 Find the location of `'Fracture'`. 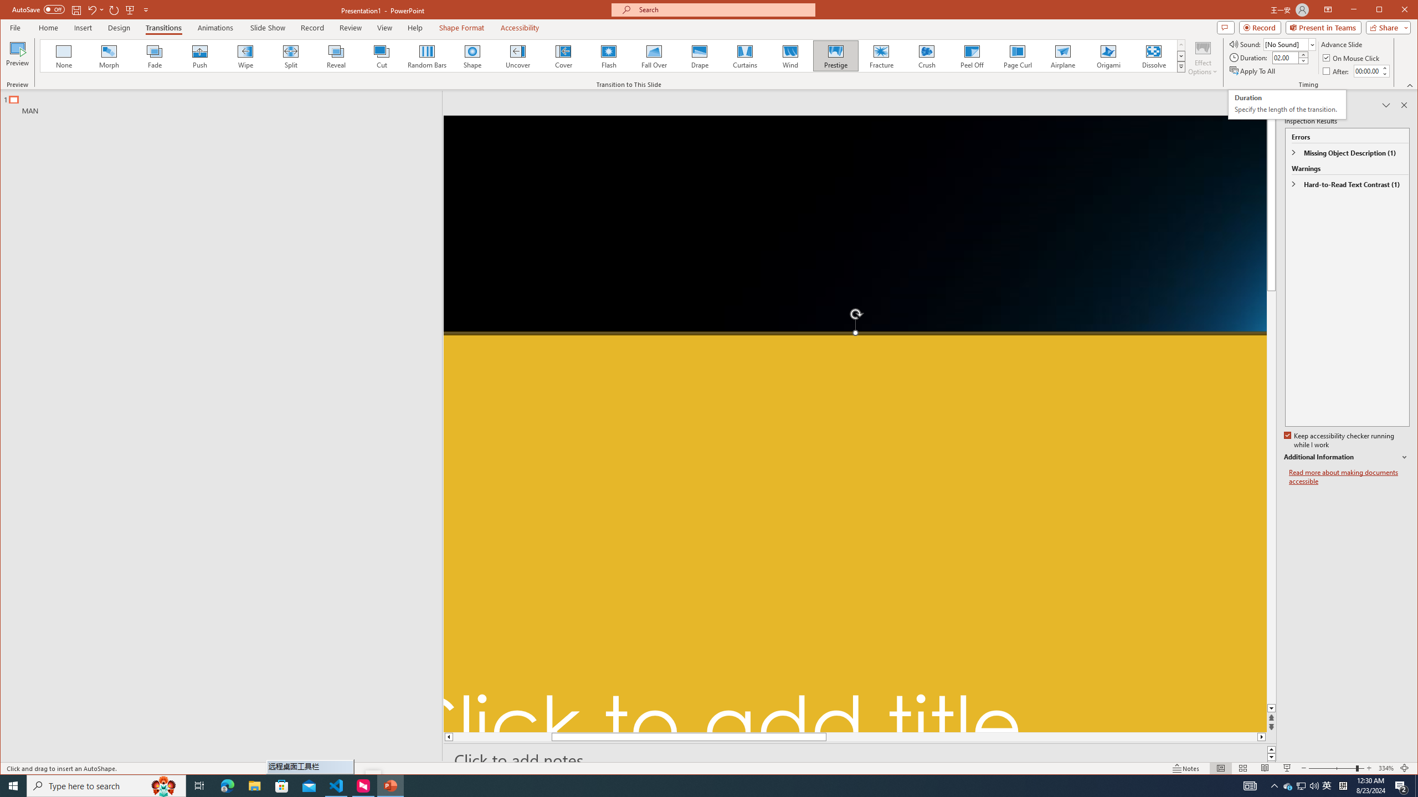

'Fracture' is located at coordinates (881, 55).